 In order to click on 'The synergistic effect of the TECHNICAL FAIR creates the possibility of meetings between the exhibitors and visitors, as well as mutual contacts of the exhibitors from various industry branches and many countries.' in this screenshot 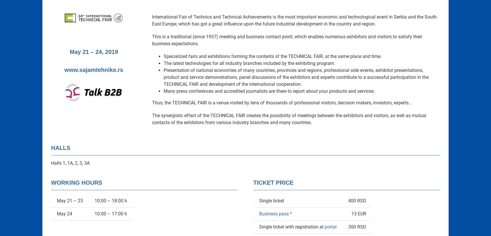, I will do `click(289, 119)`.